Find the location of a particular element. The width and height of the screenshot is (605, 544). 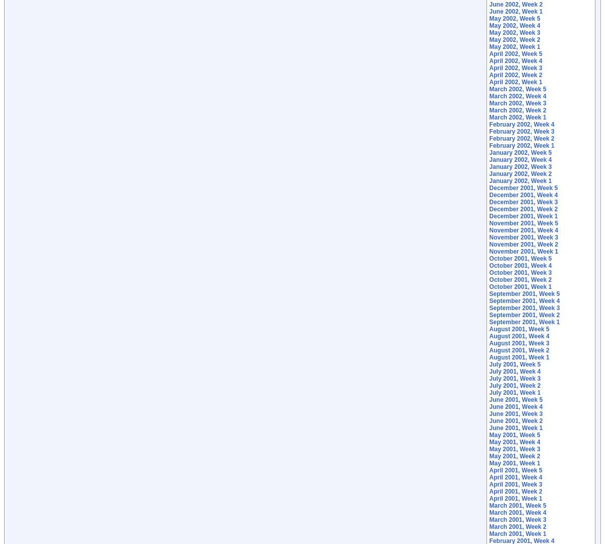

'April 2002, Week 4' is located at coordinates (515, 61).